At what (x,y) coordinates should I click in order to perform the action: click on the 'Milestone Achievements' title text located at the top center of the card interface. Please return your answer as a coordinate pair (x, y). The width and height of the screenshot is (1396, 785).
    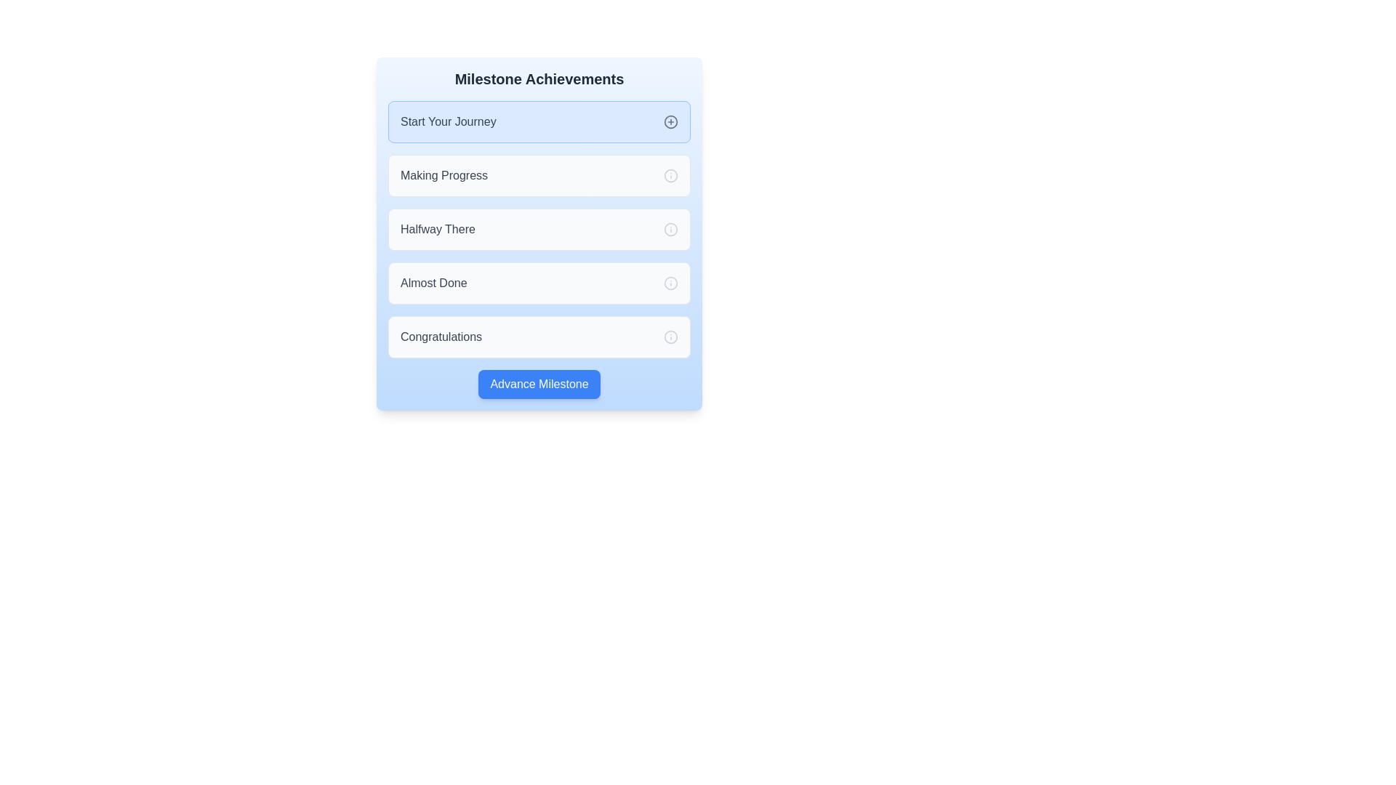
    Looking at the image, I should click on (539, 78).